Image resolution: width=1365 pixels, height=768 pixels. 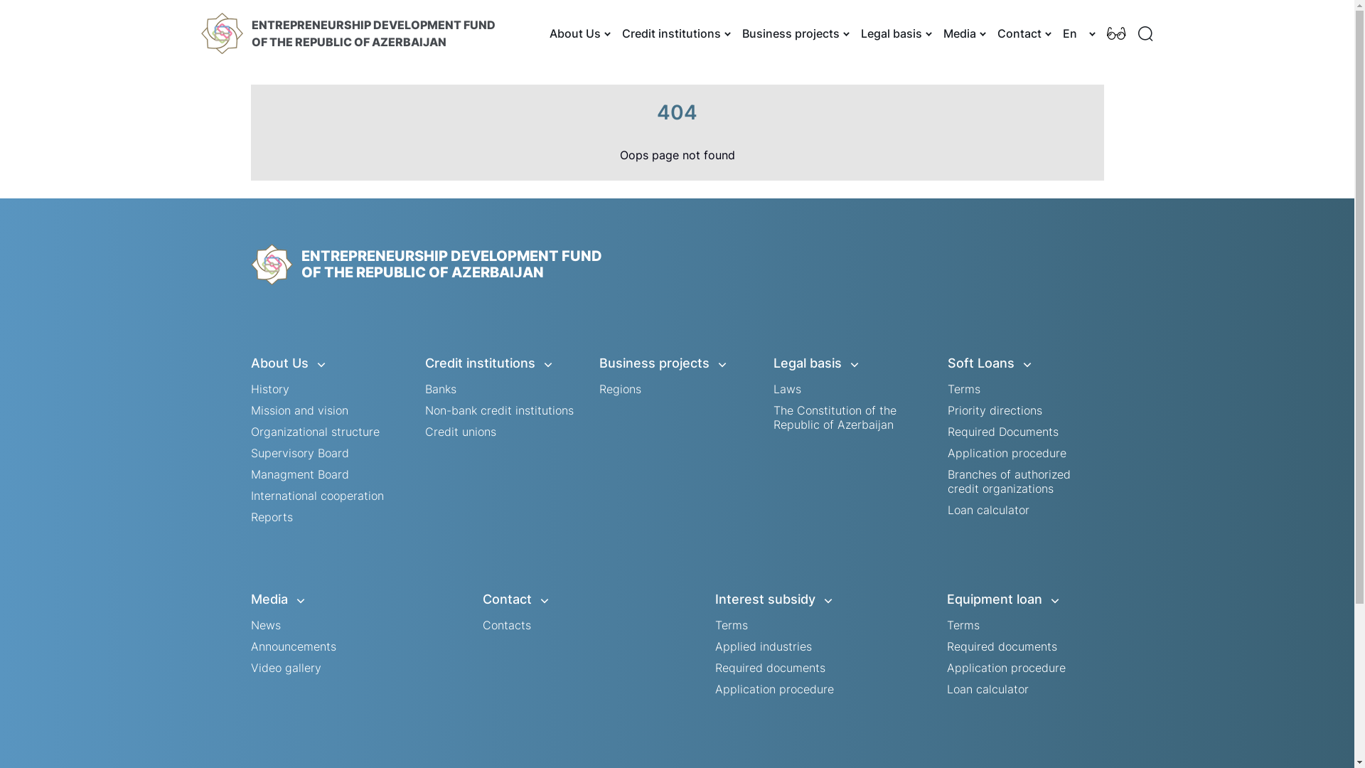 What do you see at coordinates (507, 624) in the screenshot?
I see `'Contacts'` at bounding box center [507, 624].